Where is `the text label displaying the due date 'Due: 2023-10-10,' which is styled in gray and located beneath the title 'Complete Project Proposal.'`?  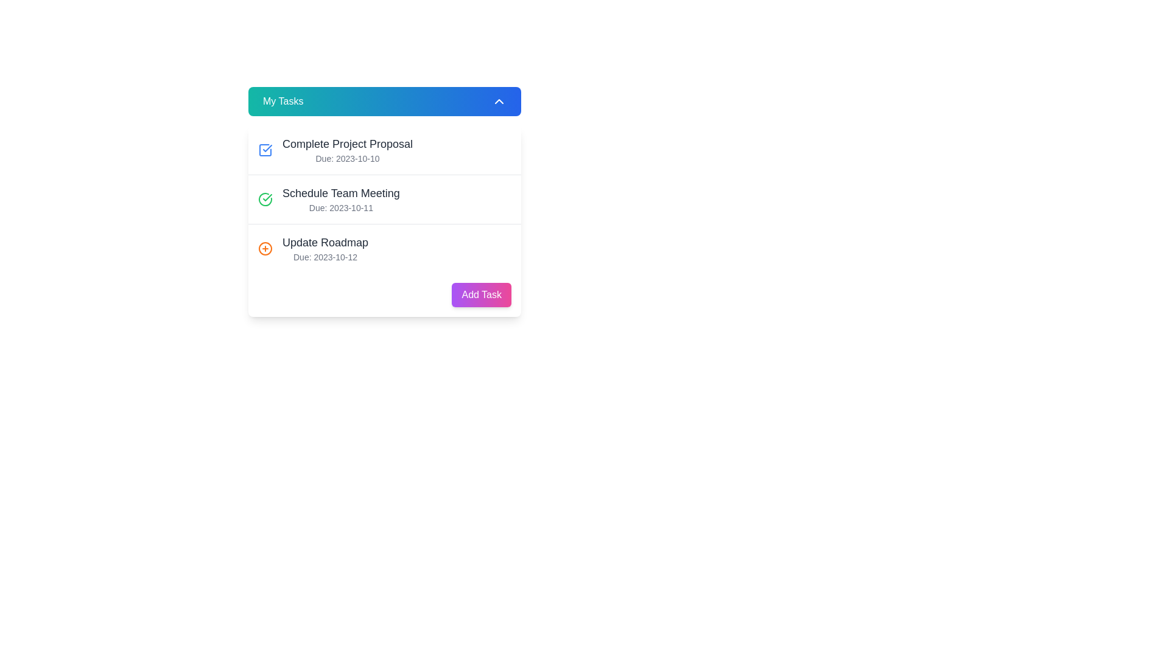 the text label displaying the due date 'Due: 2023-10-10,' which is styled in gray and located beneath the title 'Complete Project Proposal.' is located at coordinates (347, 158).